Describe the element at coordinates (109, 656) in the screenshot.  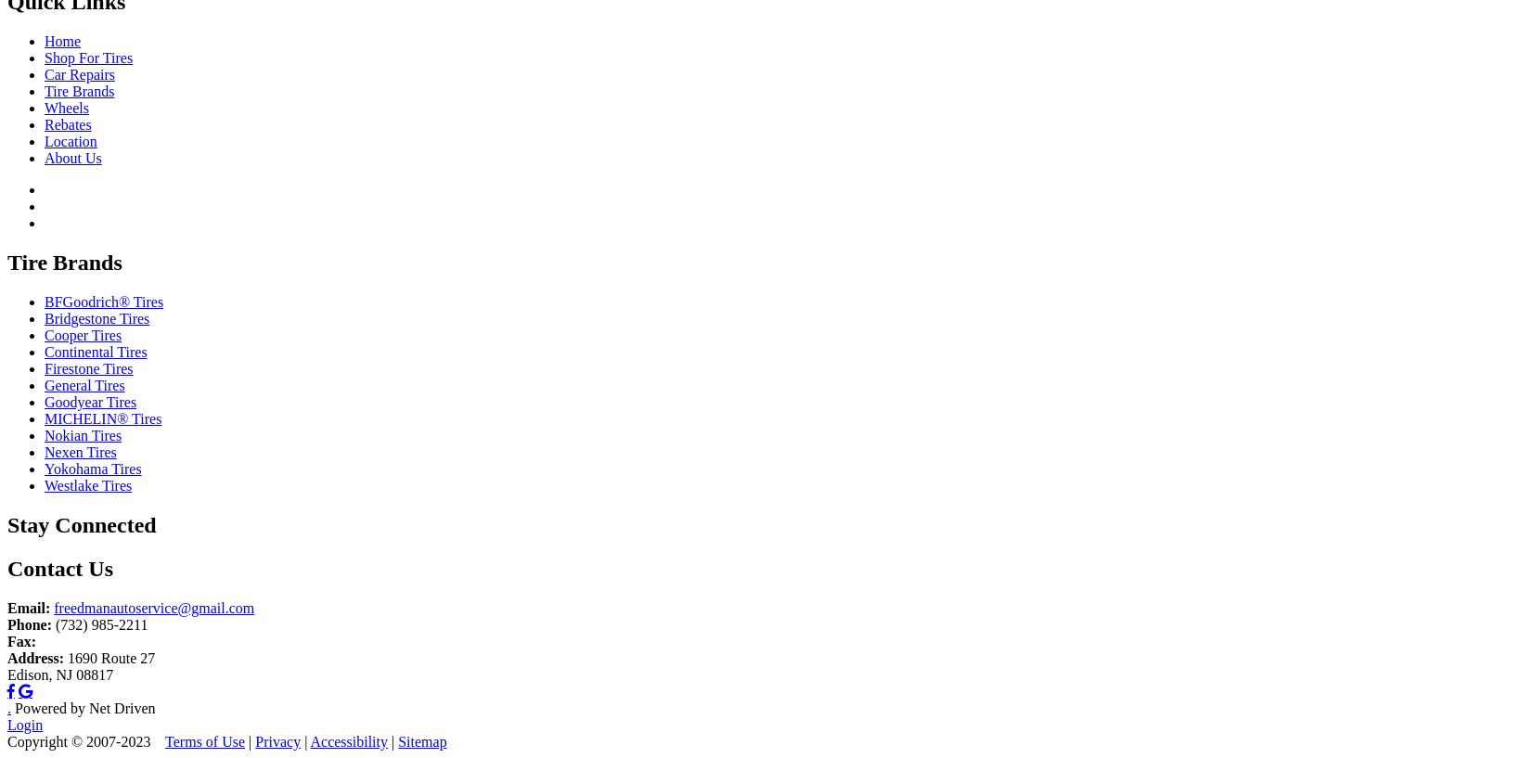
I see `'1690 Route 27'` at that location.